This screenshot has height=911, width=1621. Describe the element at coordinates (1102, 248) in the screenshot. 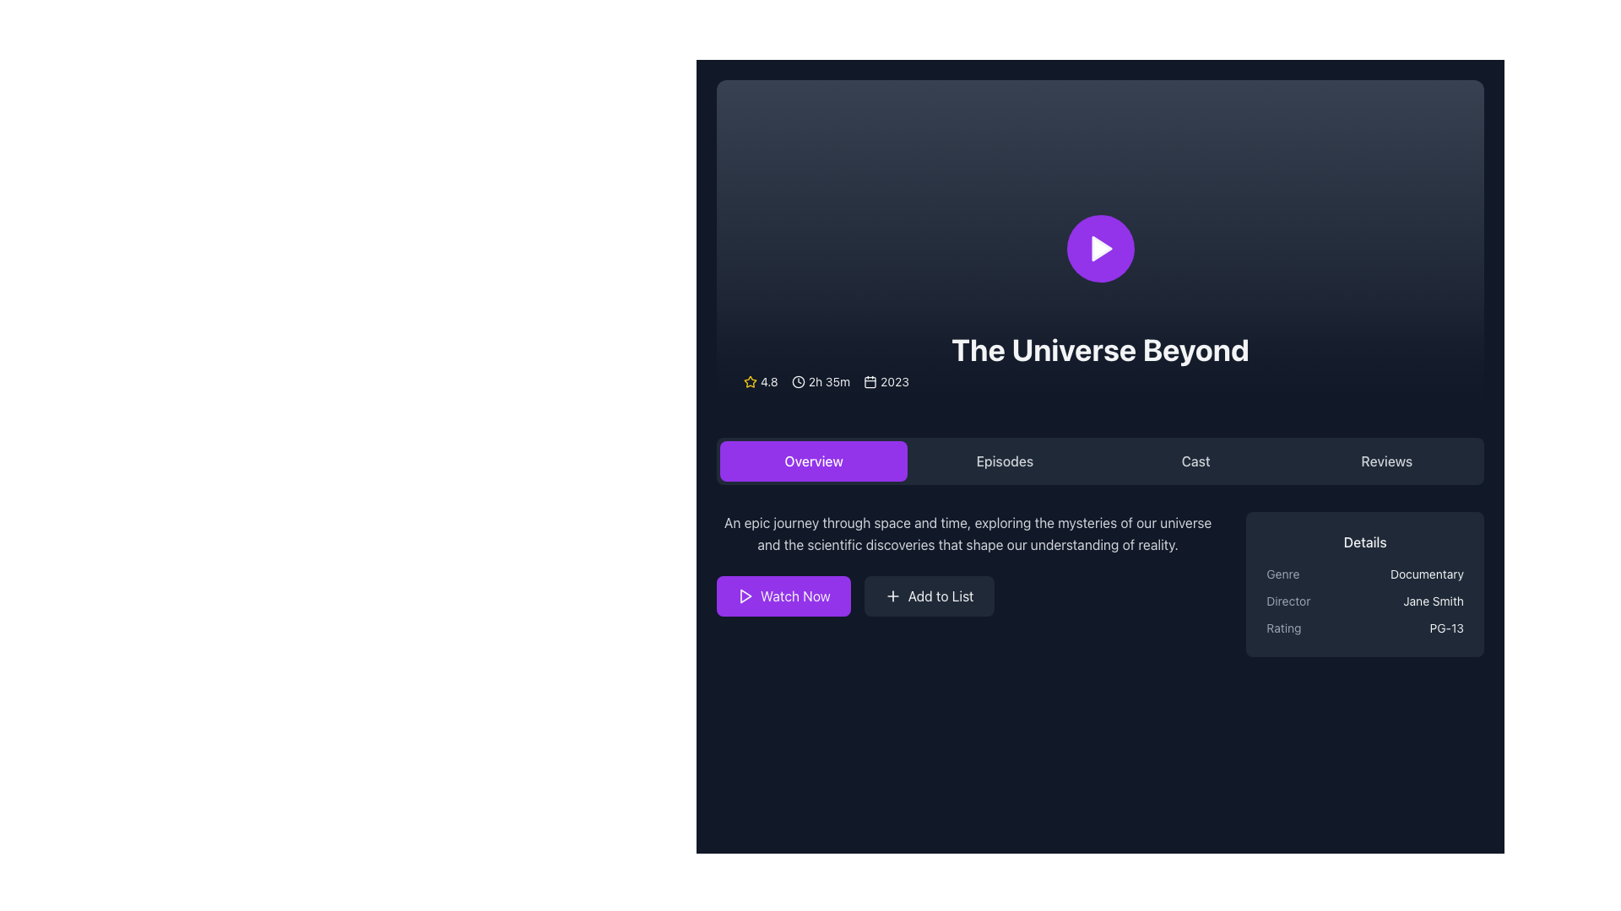

I see `the centrally positioned play icon within the circular button at the upper-middle portion of the interface` at that location.